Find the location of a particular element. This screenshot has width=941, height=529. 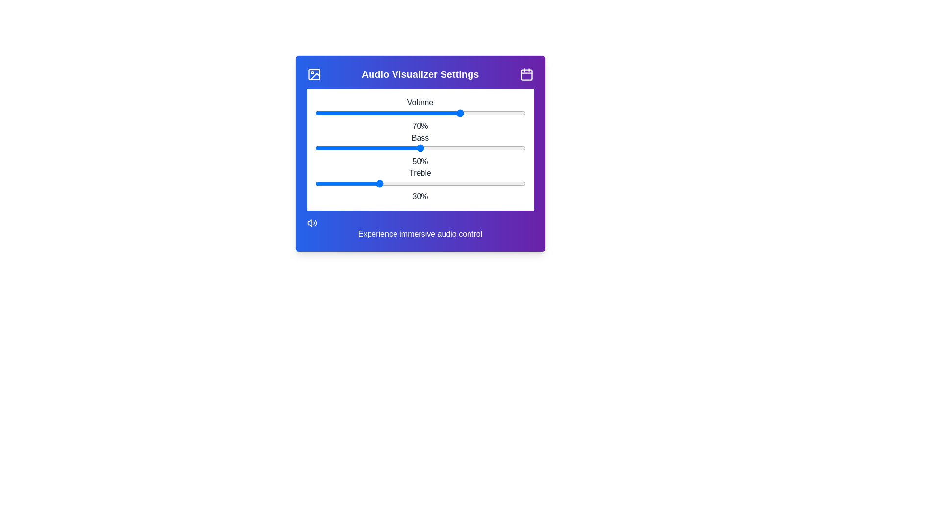

the image icon at the top-left corner of the component is located at coordinates (314, 73).